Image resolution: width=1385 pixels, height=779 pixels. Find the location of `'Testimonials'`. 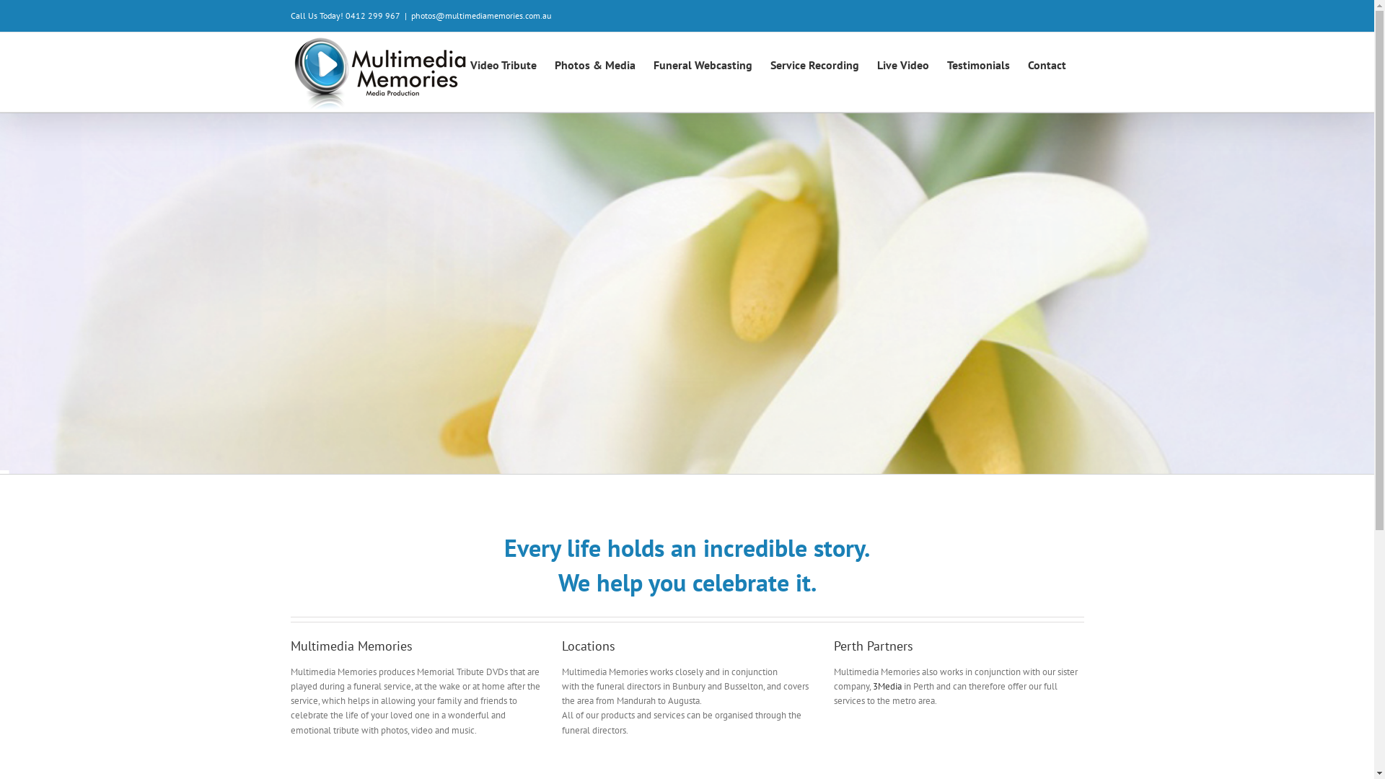

'Testimonials' is located at coordinates (977, 63).